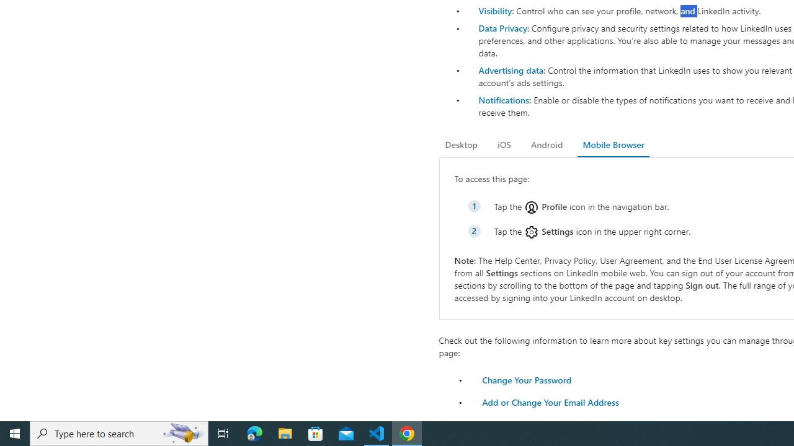  Describe the element at coordinates (494, 11) in the screenshot. I see `'Visibility'` at that location.